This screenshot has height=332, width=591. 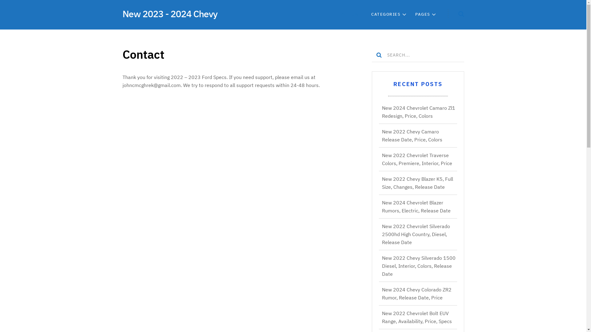 What do you see at coordinates (351, 14) in the screenshot?
I see `'HOME'` at bounding box center [351, 14].